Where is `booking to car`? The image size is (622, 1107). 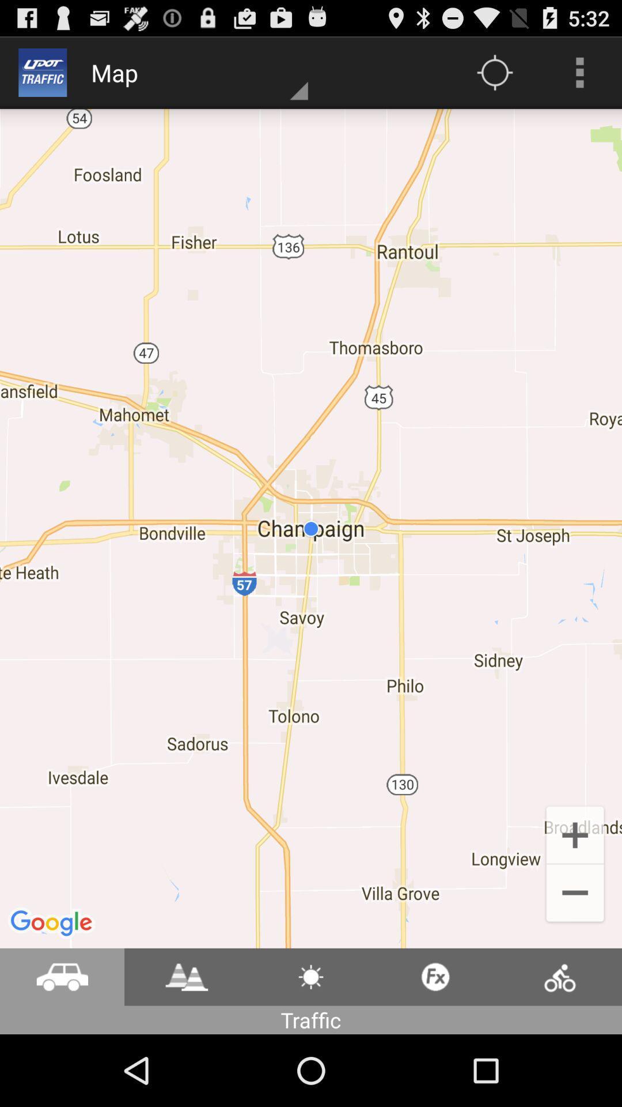 booking to car is located at coordinates (62, 976).